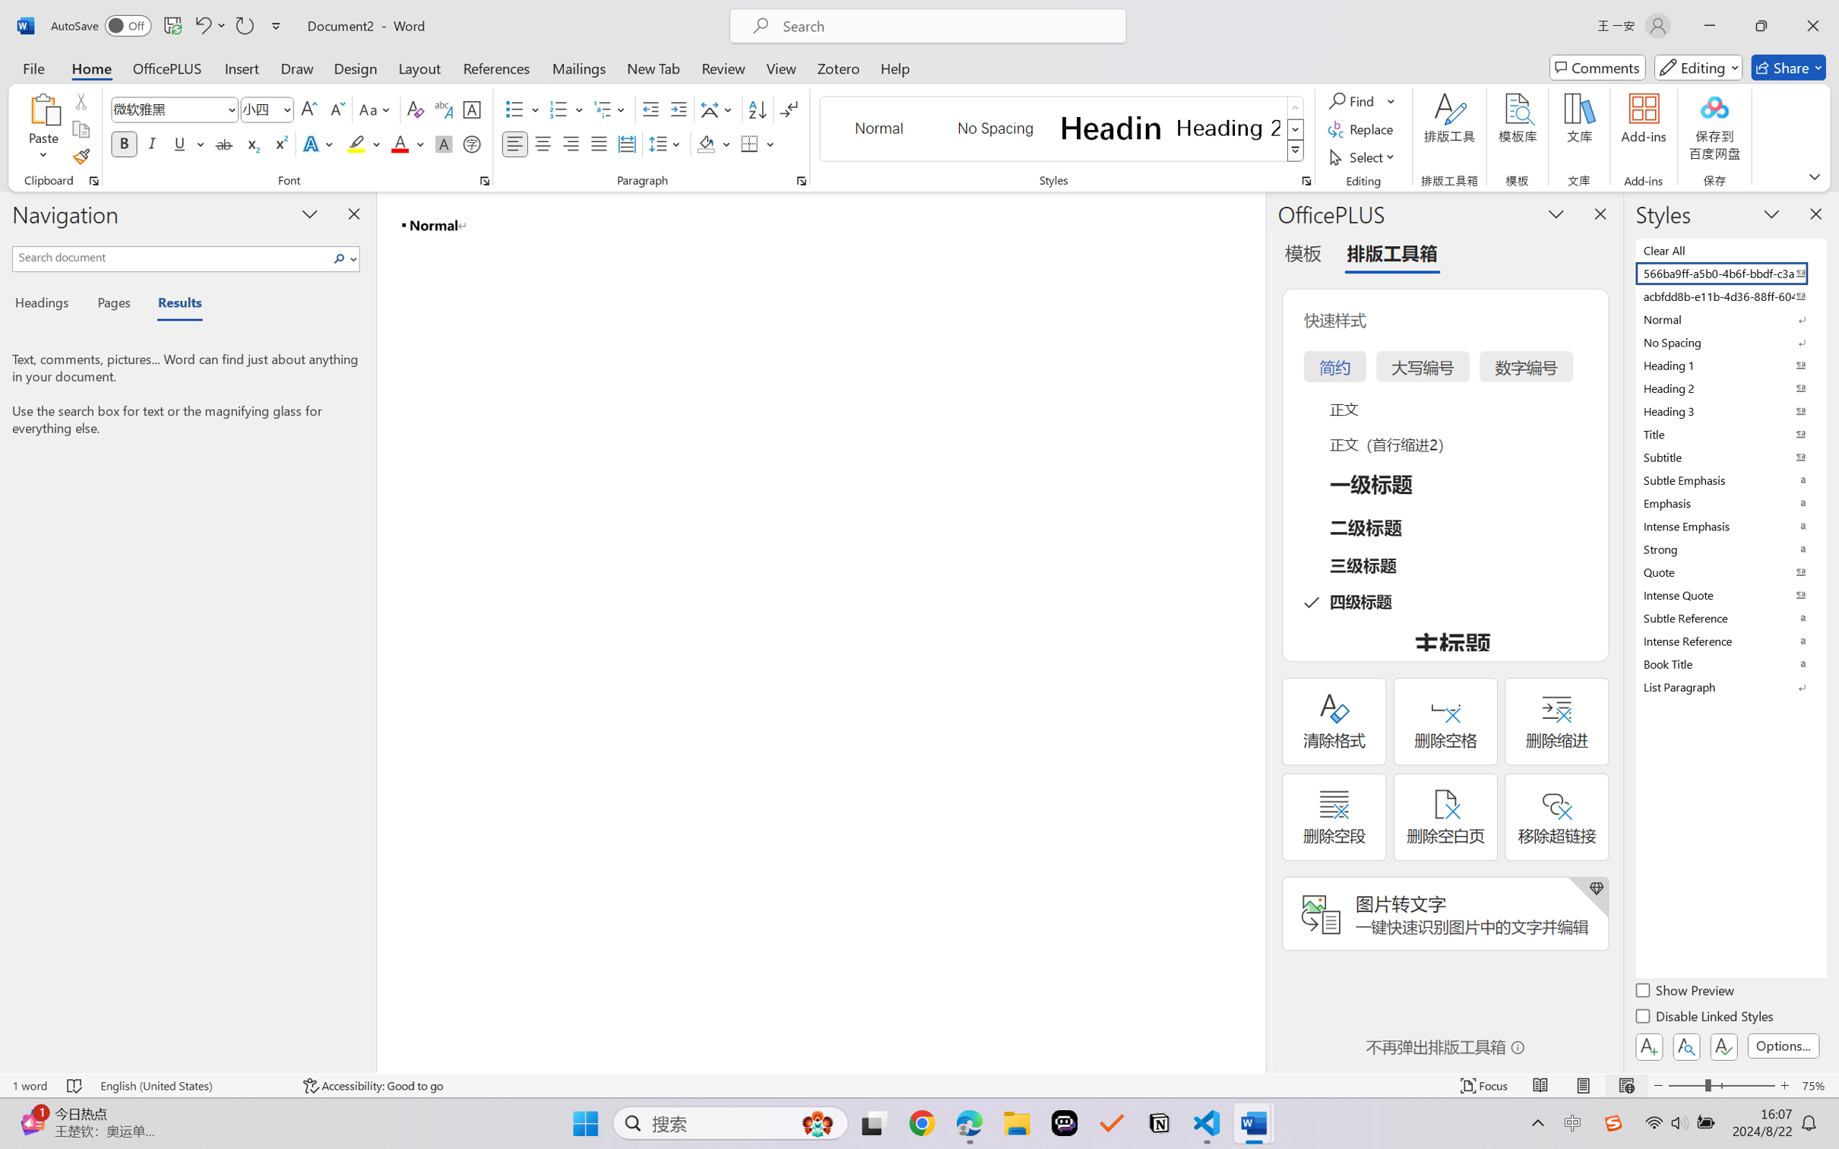 The height and width of the screenshot is (1149, 1839). Describe the element at coordinates (1685, 992) in the screenshot. I see `'Show Preview'` at that location.